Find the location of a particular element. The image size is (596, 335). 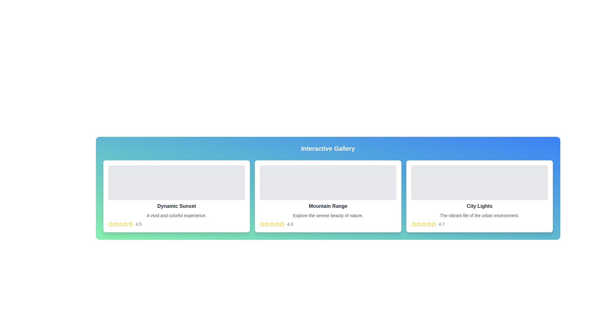

the 'City Lights' card element is located at coordinates (479, 196).